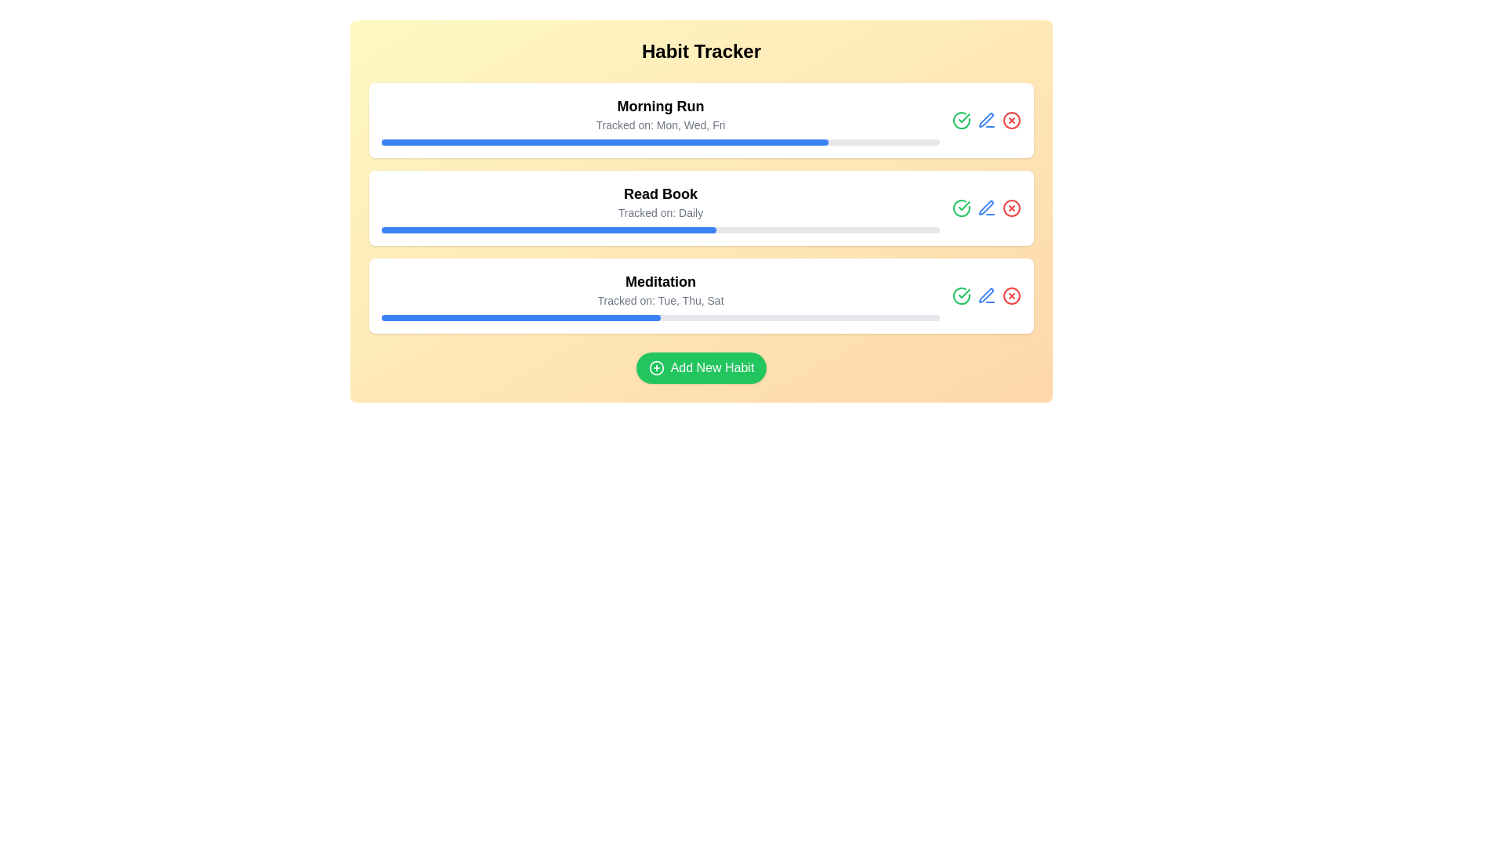 Image resolution: width=1505 pixels, height=846 pixels. I want to click on the red circular delete icon with a cross inside, located at the top right corner of the second row in the habit tracking list, so click(1012, 208).